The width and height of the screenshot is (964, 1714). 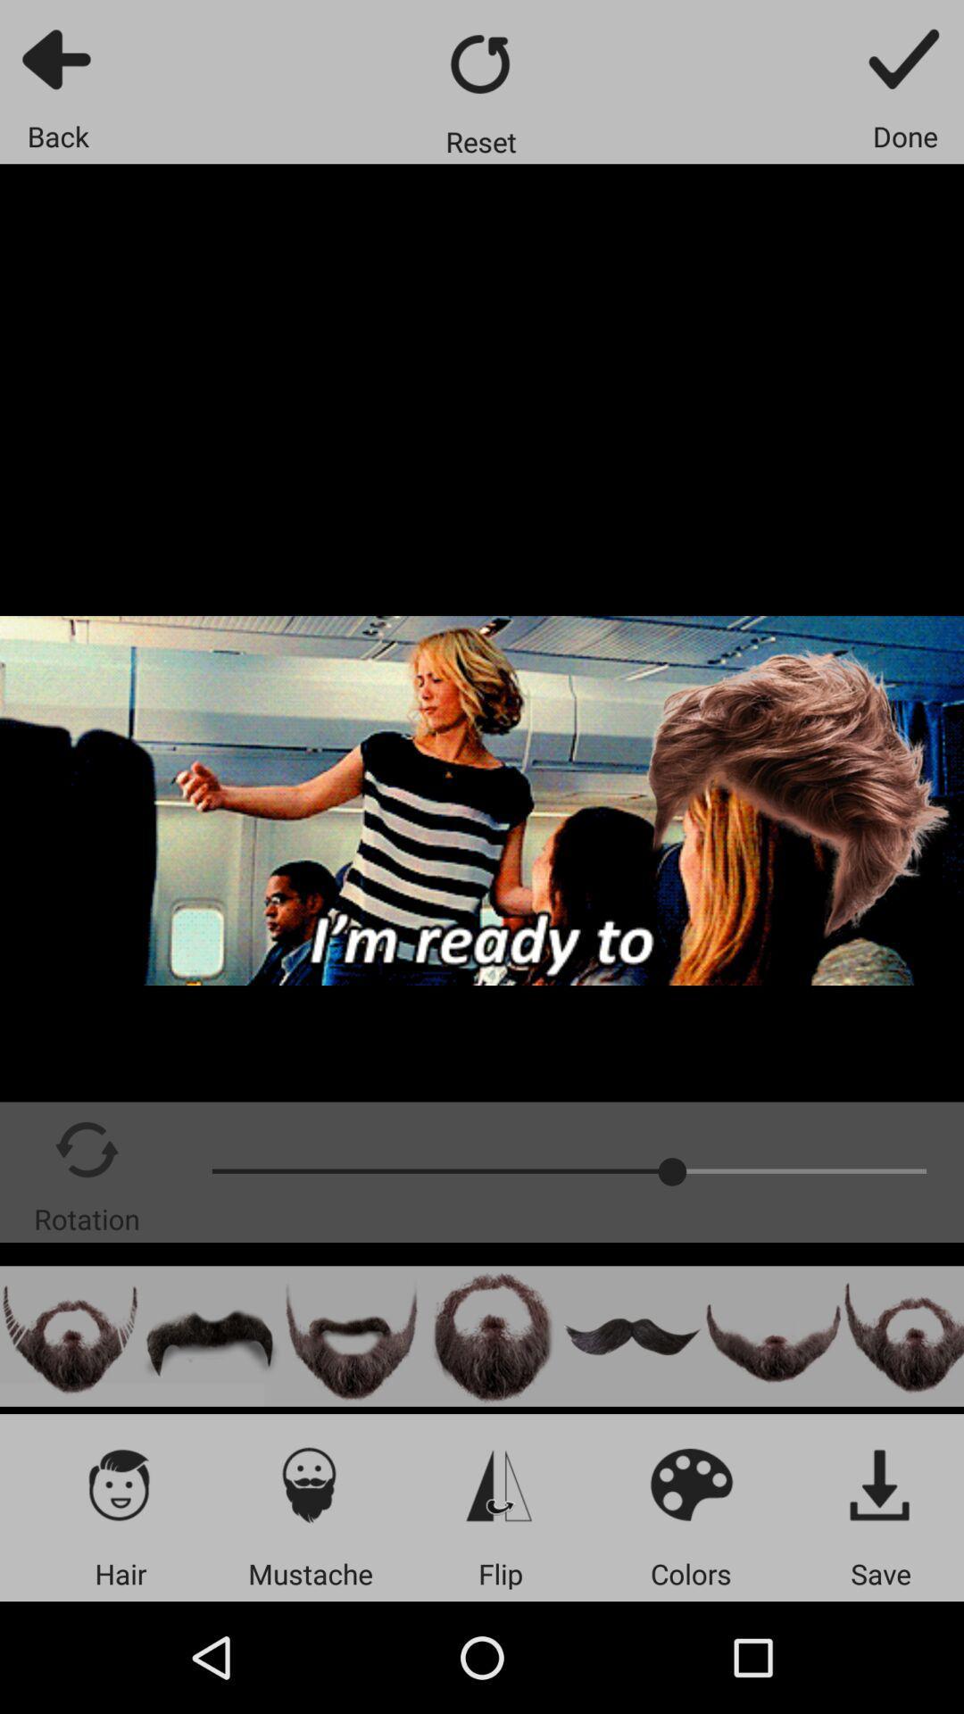 What do you see at coordinates (57, 58) in the screenshot?
I see `the arrow_backward icon` at bounding box center [57, 58].